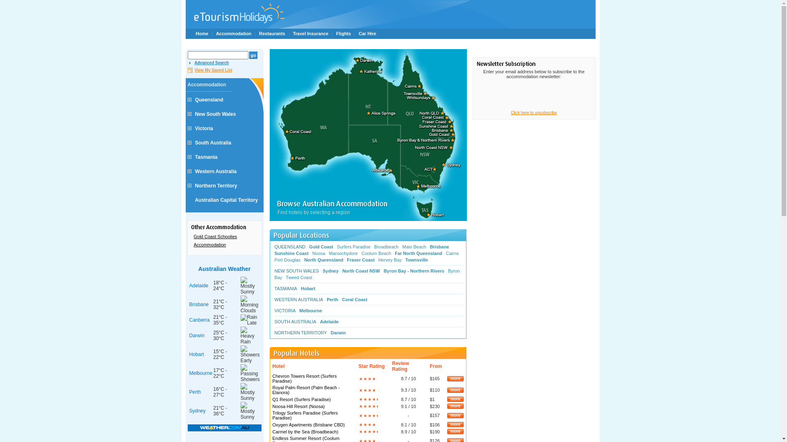 This screenshot has width=787, height=442. Describe the element at coordinates (226, 200) in the screenshot. I see `'Australian Capital Territory'` at that location.